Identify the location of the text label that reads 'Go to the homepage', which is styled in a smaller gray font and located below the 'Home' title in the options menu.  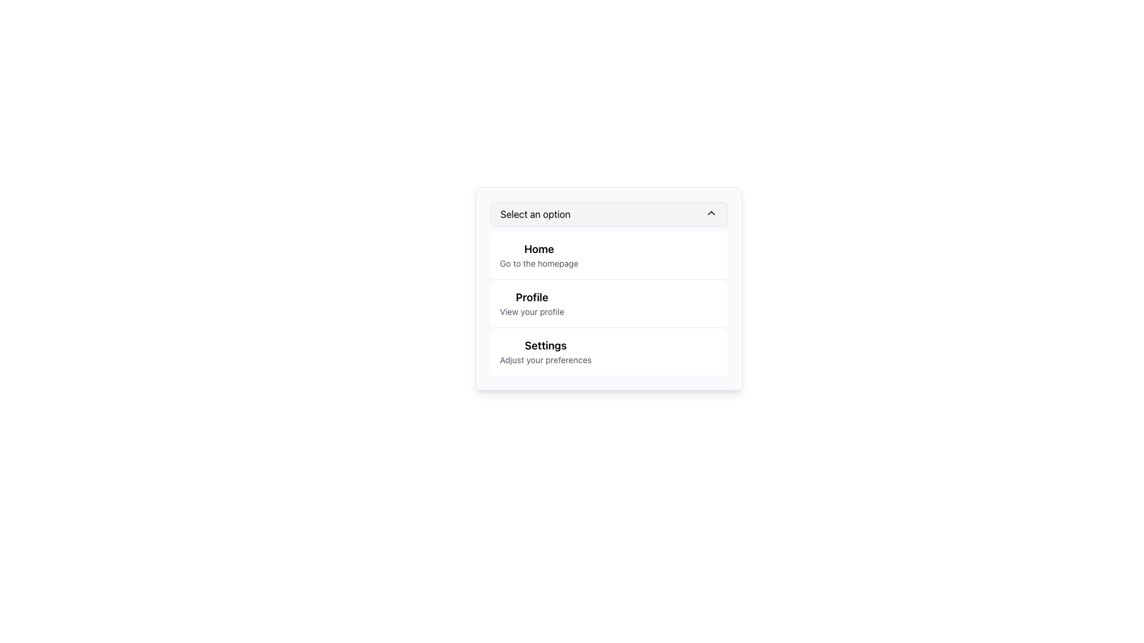
(538, 263).